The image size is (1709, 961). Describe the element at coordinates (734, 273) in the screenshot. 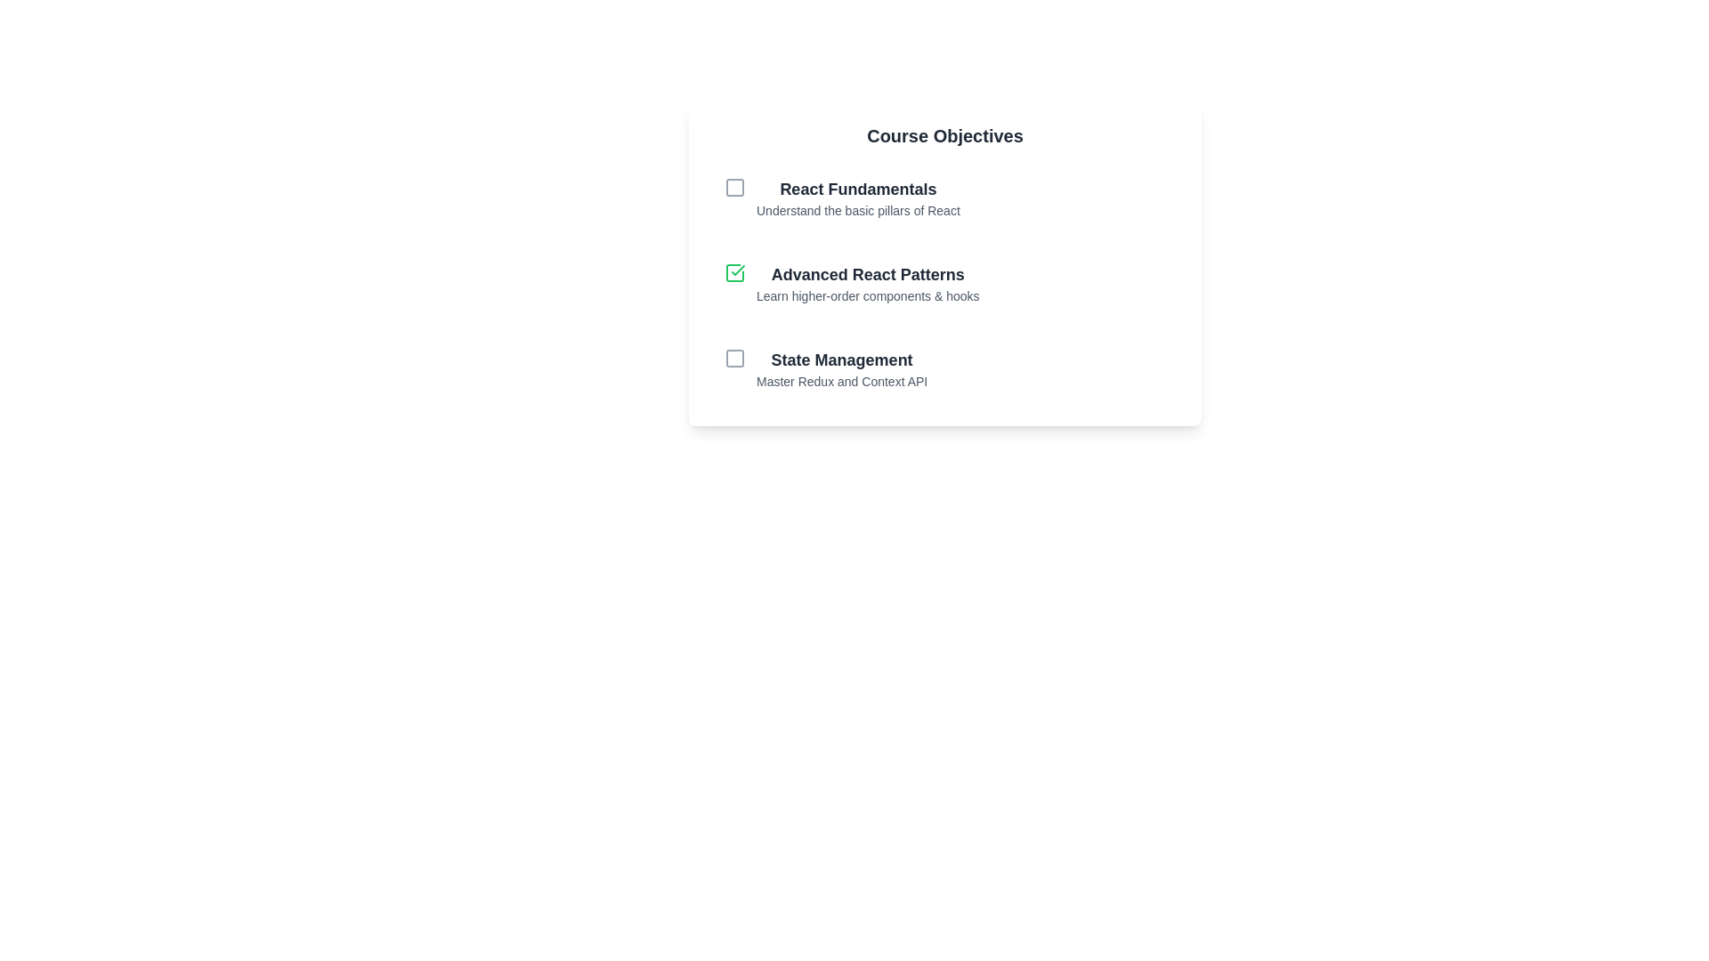

I see `the checkbox for the item labeled Advanced React Patterns` at that location.